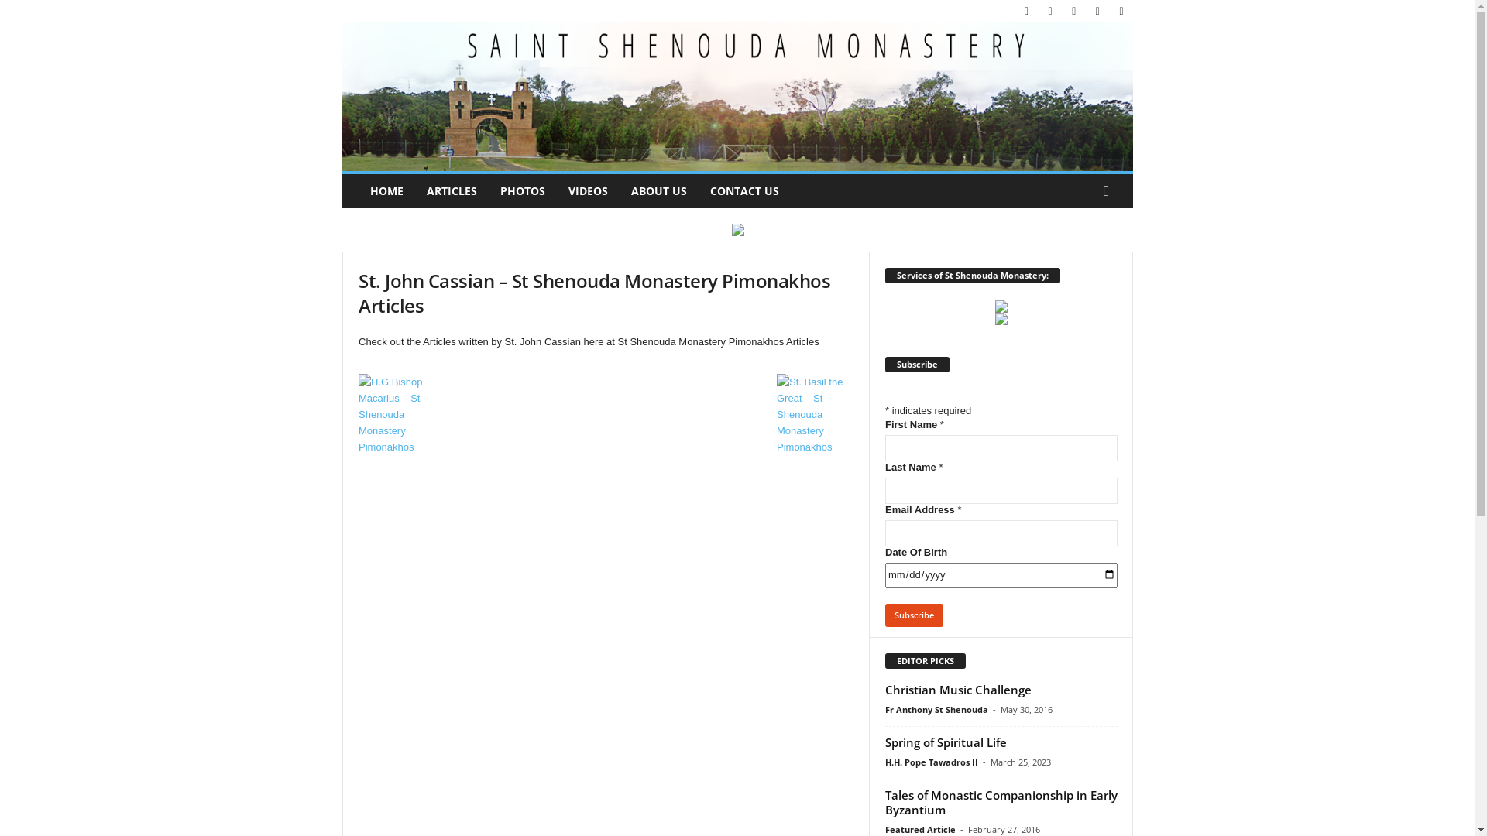 The height and width of the screenshot is (836, 1487). I want to click on 'Youtube', so click(1121, 11).